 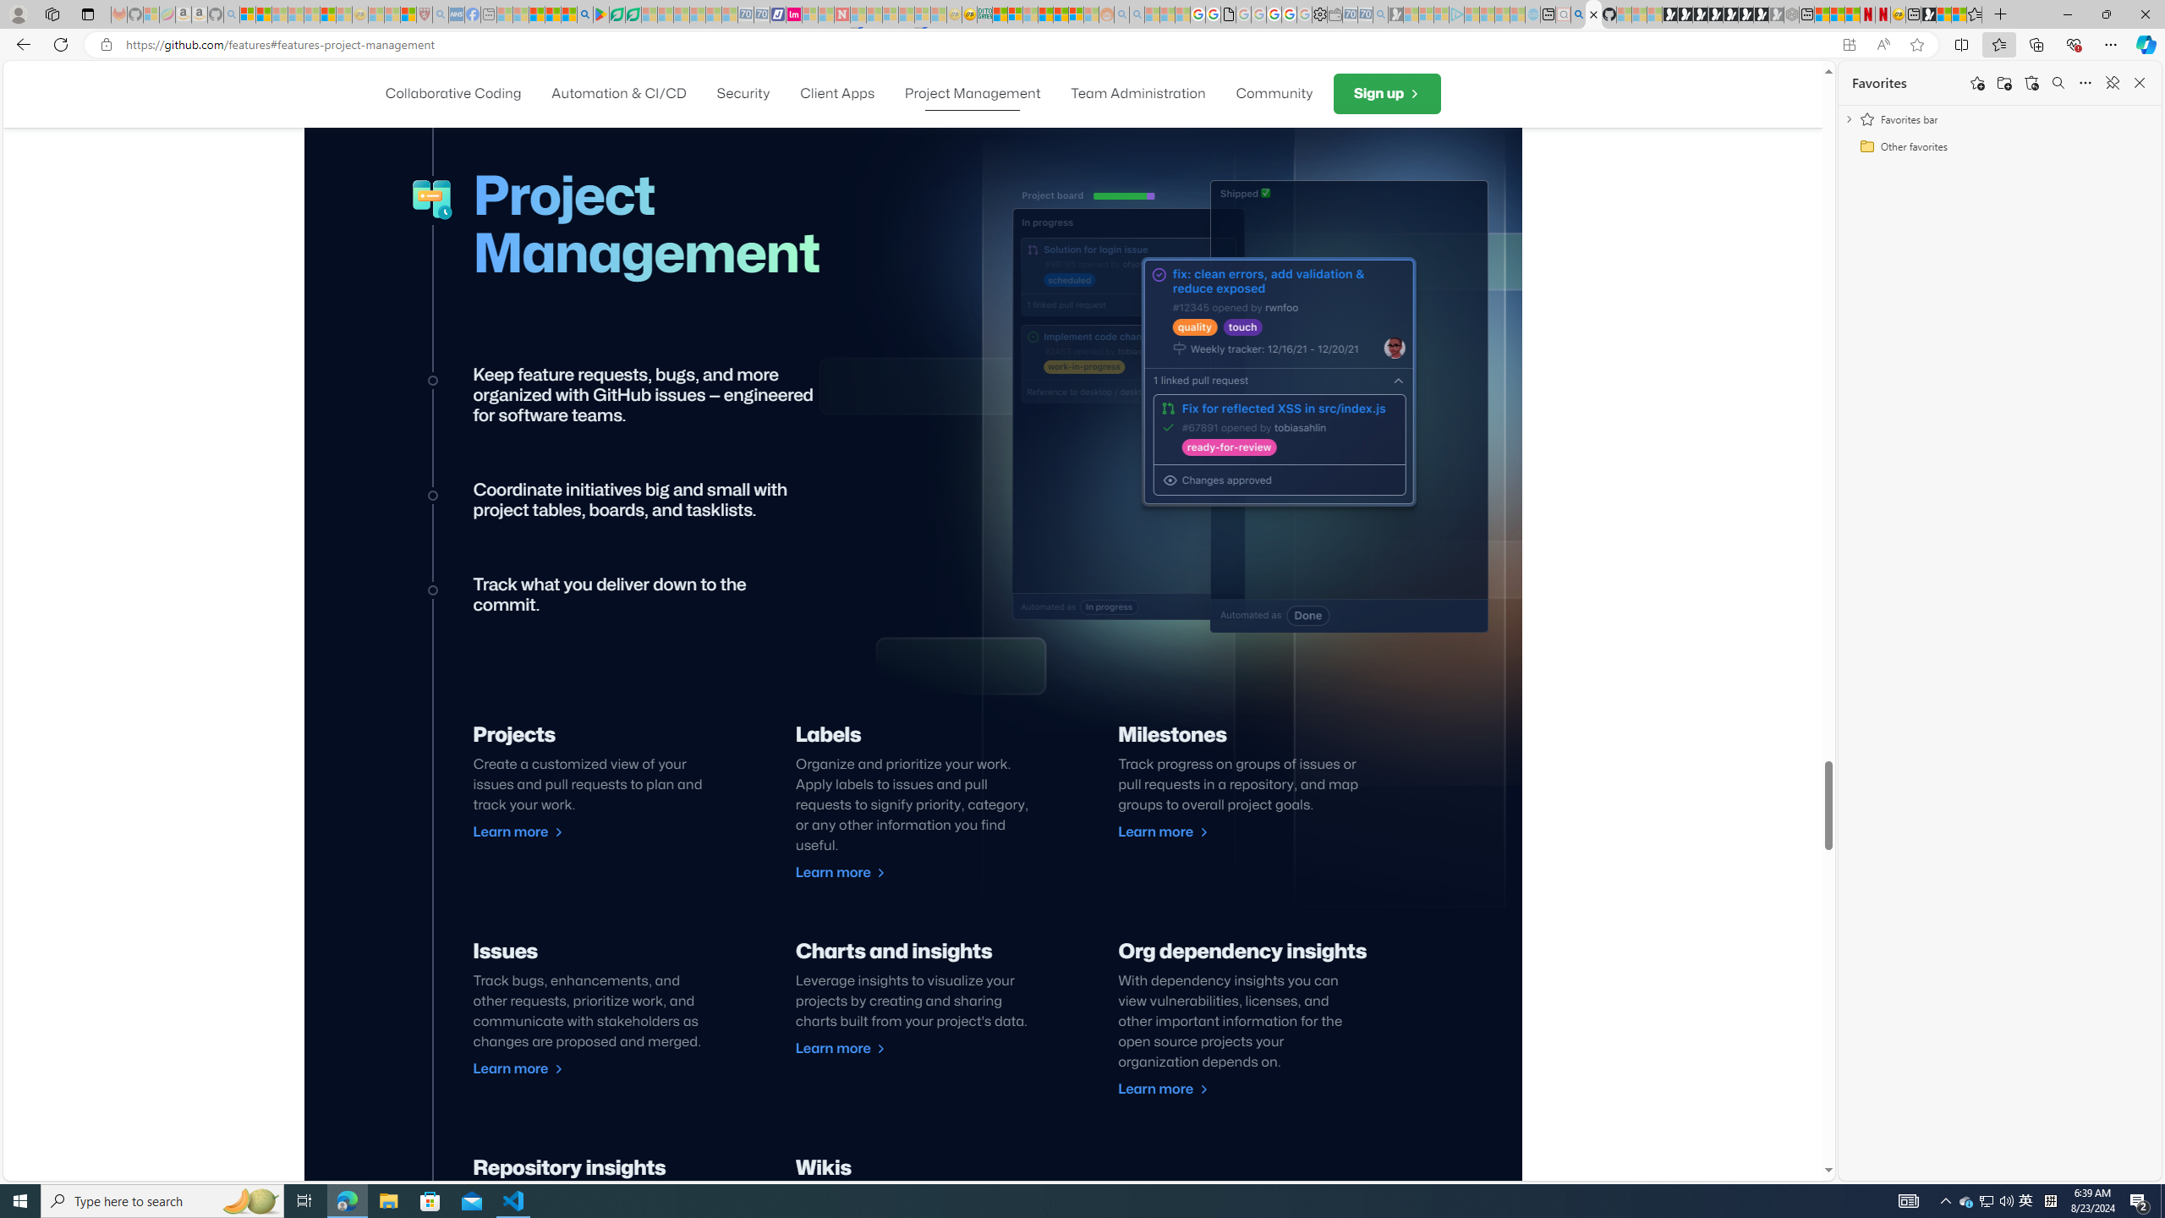 What do you see at coordinates (279, 14) in the screenshot?
I see `'The Weather Channel - MSN - Sleeping'` at bounding box center [279, 14].